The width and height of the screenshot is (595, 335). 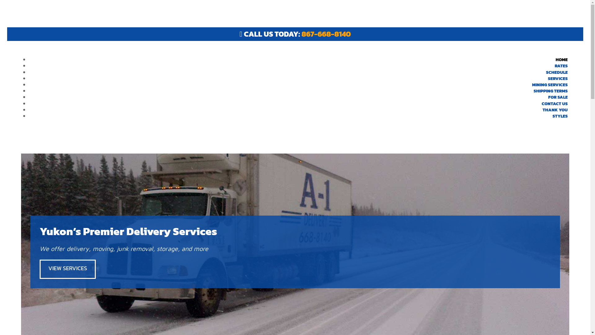 What do you see at coordinates (550, 85) in the screenshot?
I see `'MINING SERVICES'` at bounding box center [550, 85].